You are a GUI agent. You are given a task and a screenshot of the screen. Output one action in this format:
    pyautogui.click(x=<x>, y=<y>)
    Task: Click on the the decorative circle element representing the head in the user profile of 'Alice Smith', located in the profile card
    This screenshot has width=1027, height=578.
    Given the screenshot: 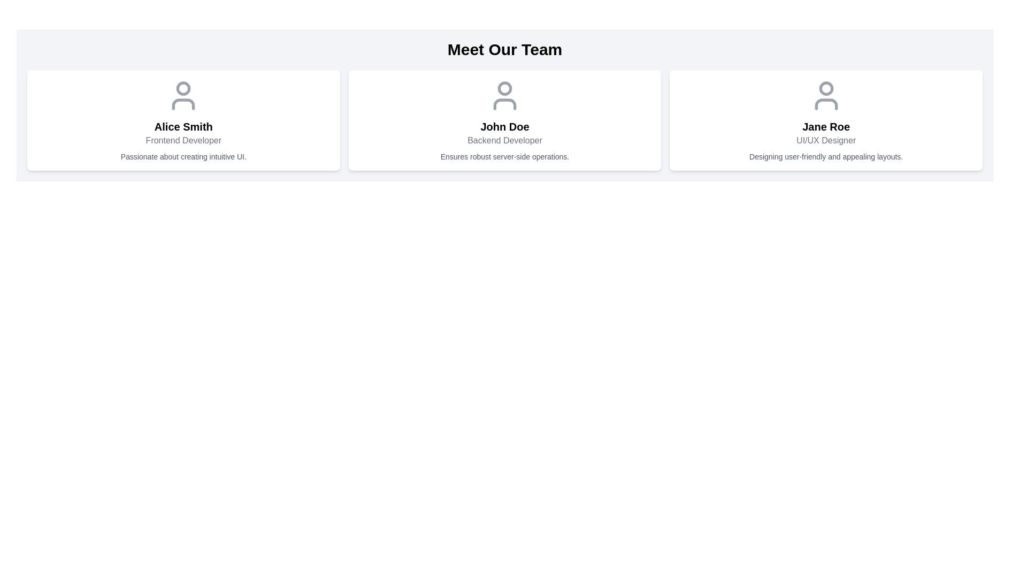 What is the action you would take?
    pyautogui.click(x=183, y=88)
    